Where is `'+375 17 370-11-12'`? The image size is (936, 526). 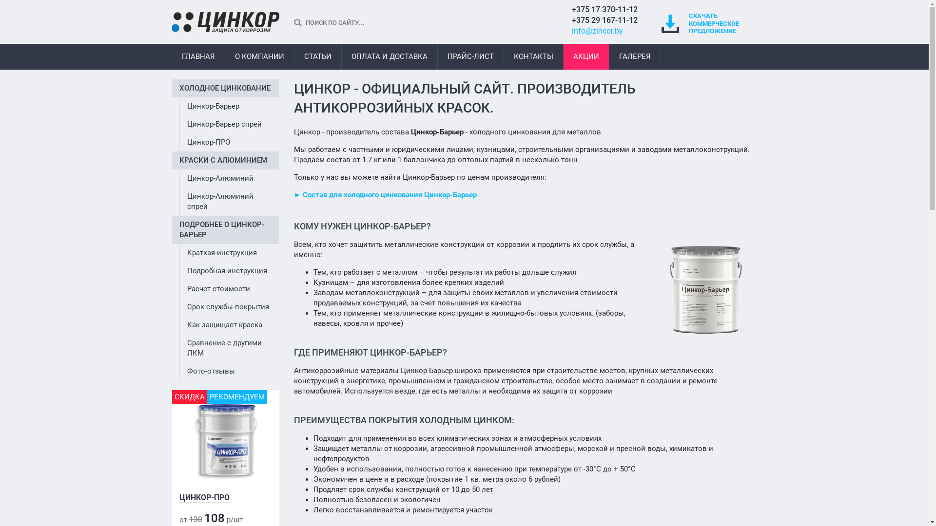
'+375 17 370-11-12' is located at coordinates (604, 9).